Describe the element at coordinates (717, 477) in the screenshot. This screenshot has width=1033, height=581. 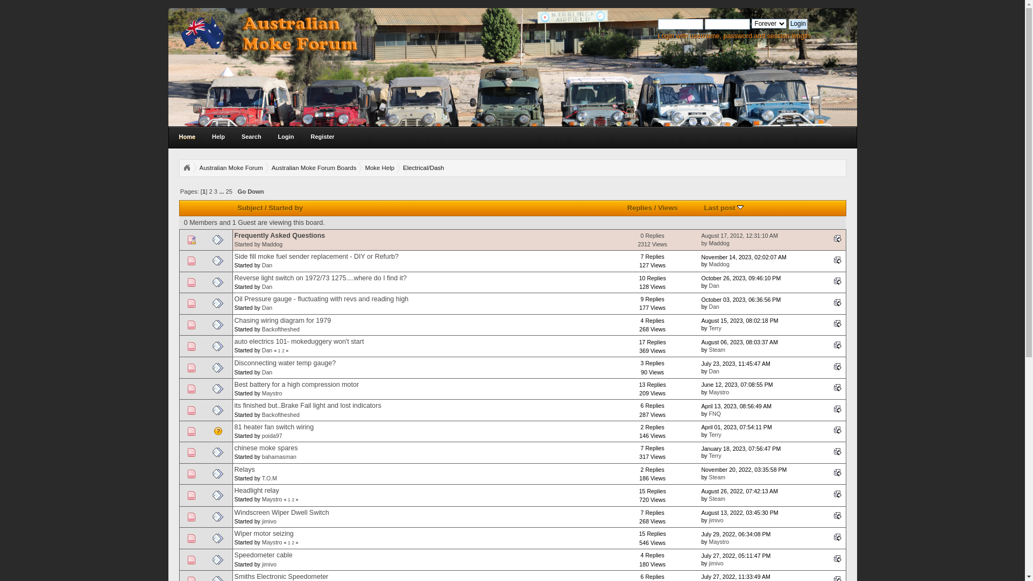
I see `'Steam'` at that location.